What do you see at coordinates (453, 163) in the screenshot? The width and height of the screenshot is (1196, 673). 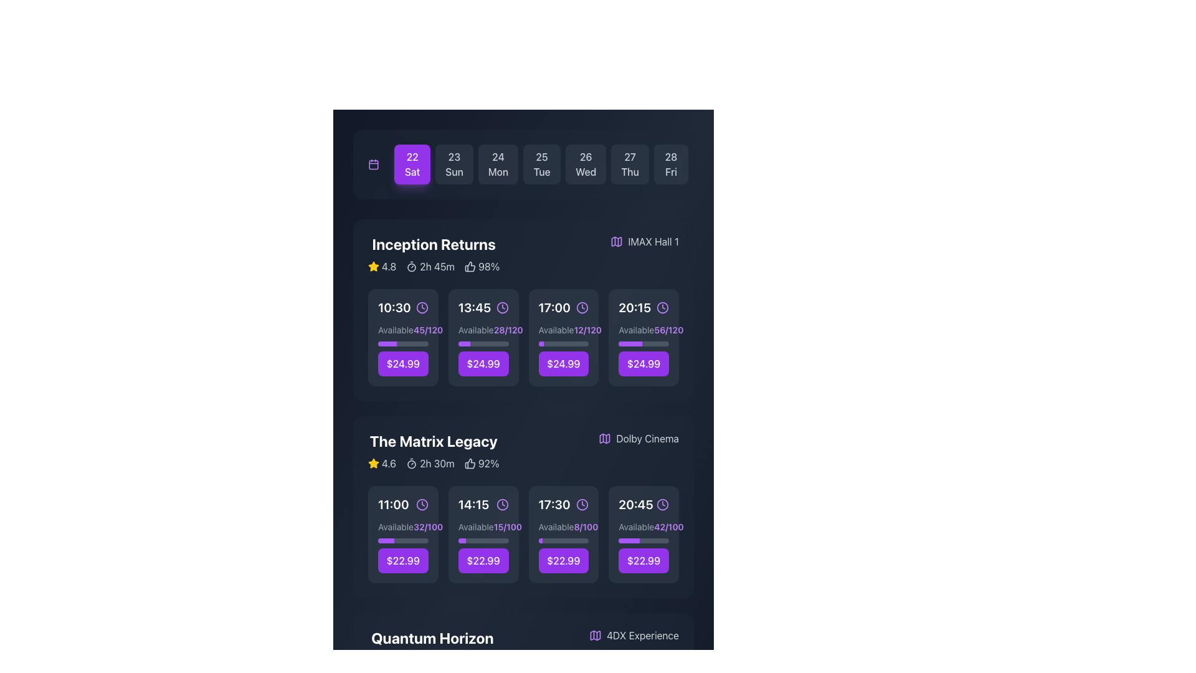 I see `the button that allows the user to select Sunday the 23rd, which is the second button in a horizontal list of date selections, located below a calendar icon` at bounding box center [453, 163].